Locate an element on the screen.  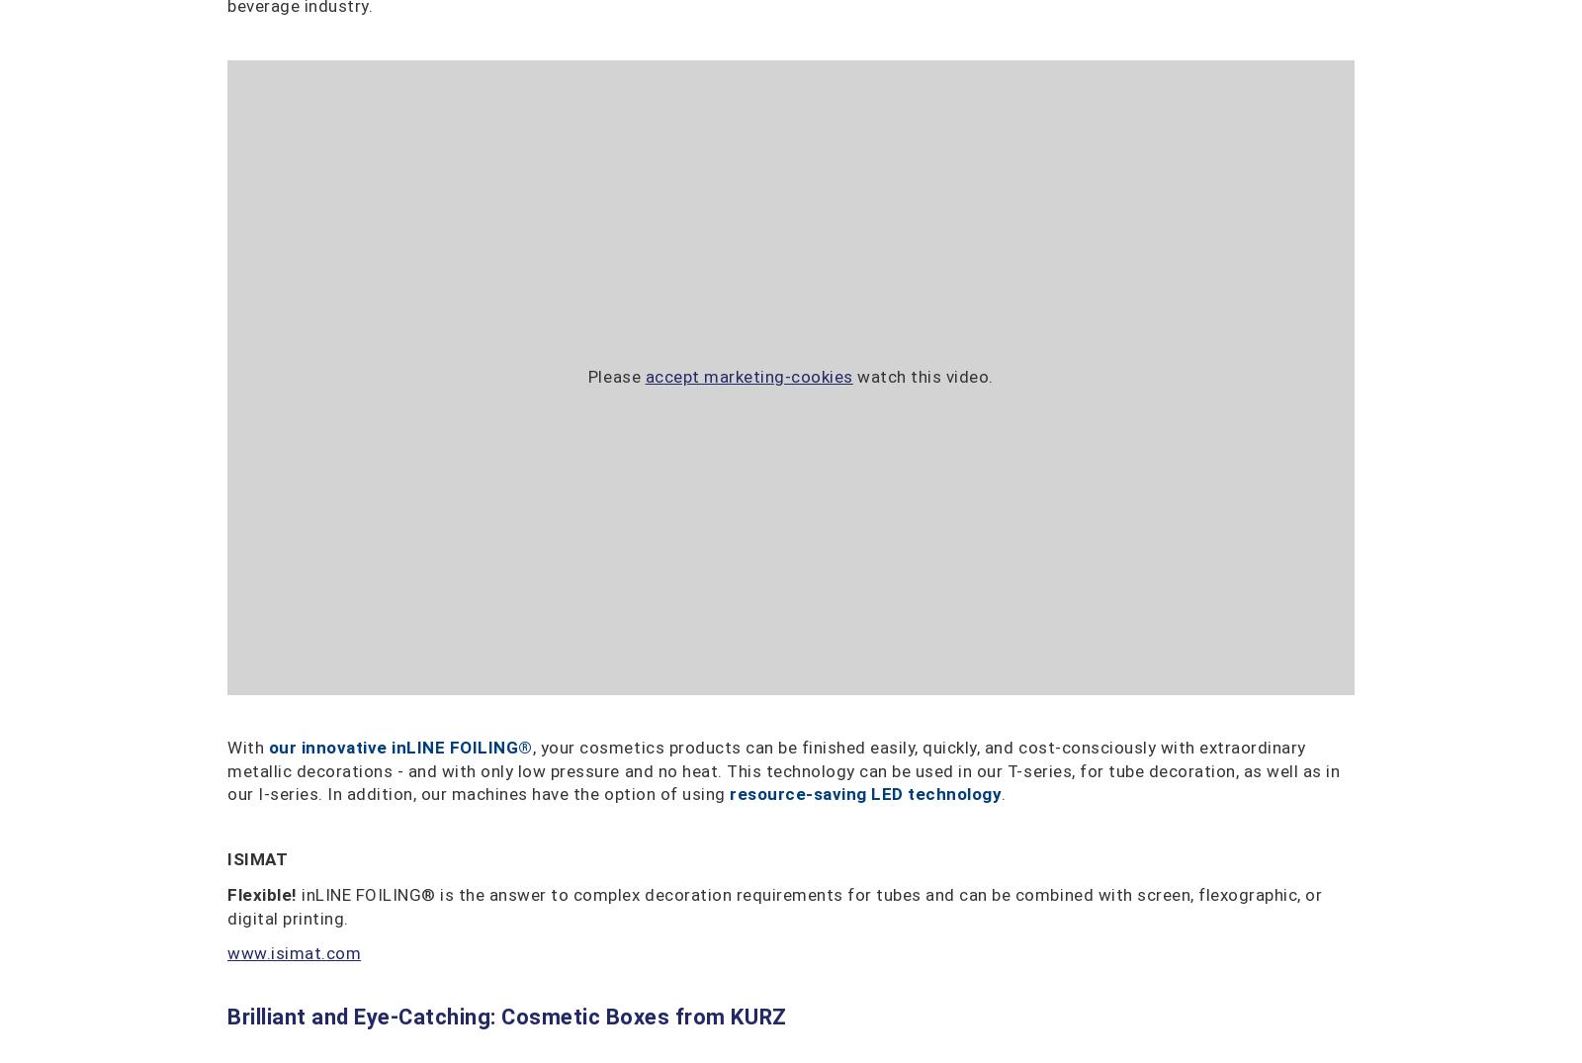
'www.isimat.com' is located at coordinates (294, 952).